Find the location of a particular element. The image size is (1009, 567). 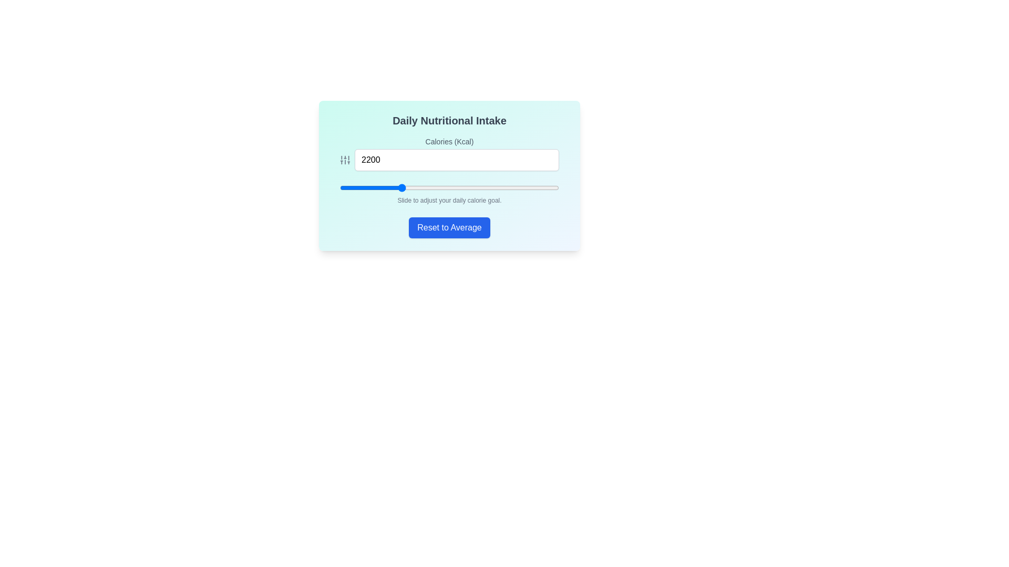

the calorie goal is located at coordinates (363, 187).